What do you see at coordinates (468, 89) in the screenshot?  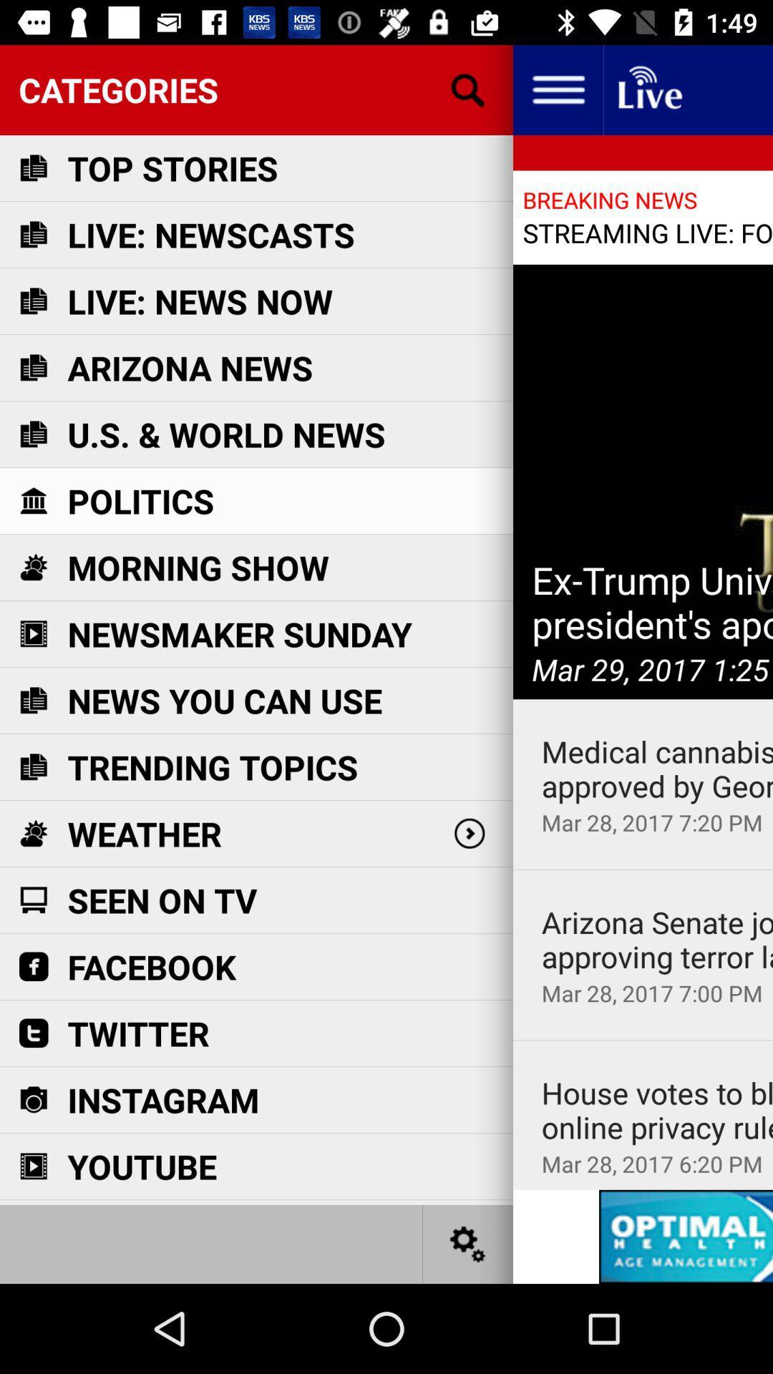 I see `the search icon` at bounding box center [468, 89].